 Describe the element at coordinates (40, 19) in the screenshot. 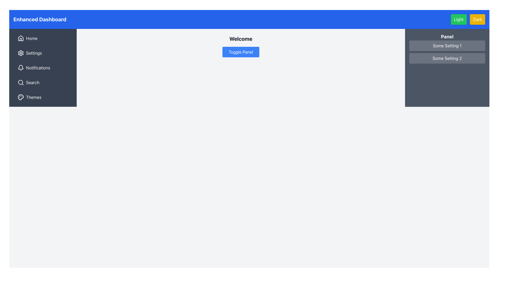

I see `the text label located on the left side of the blue header bar, which serves as the title for the current page or application` at that location.